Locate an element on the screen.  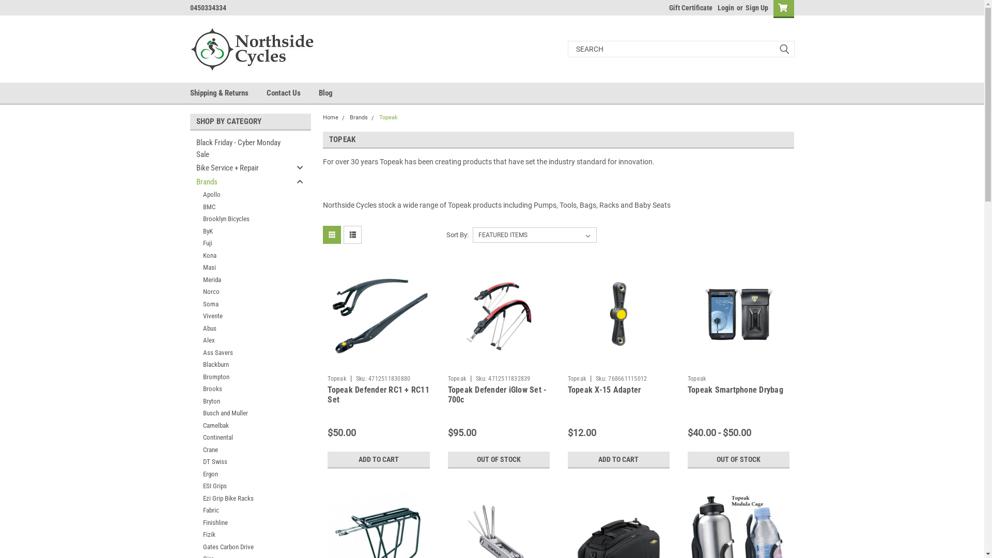
'ESI Grips' is located at coordinates (241, 486).